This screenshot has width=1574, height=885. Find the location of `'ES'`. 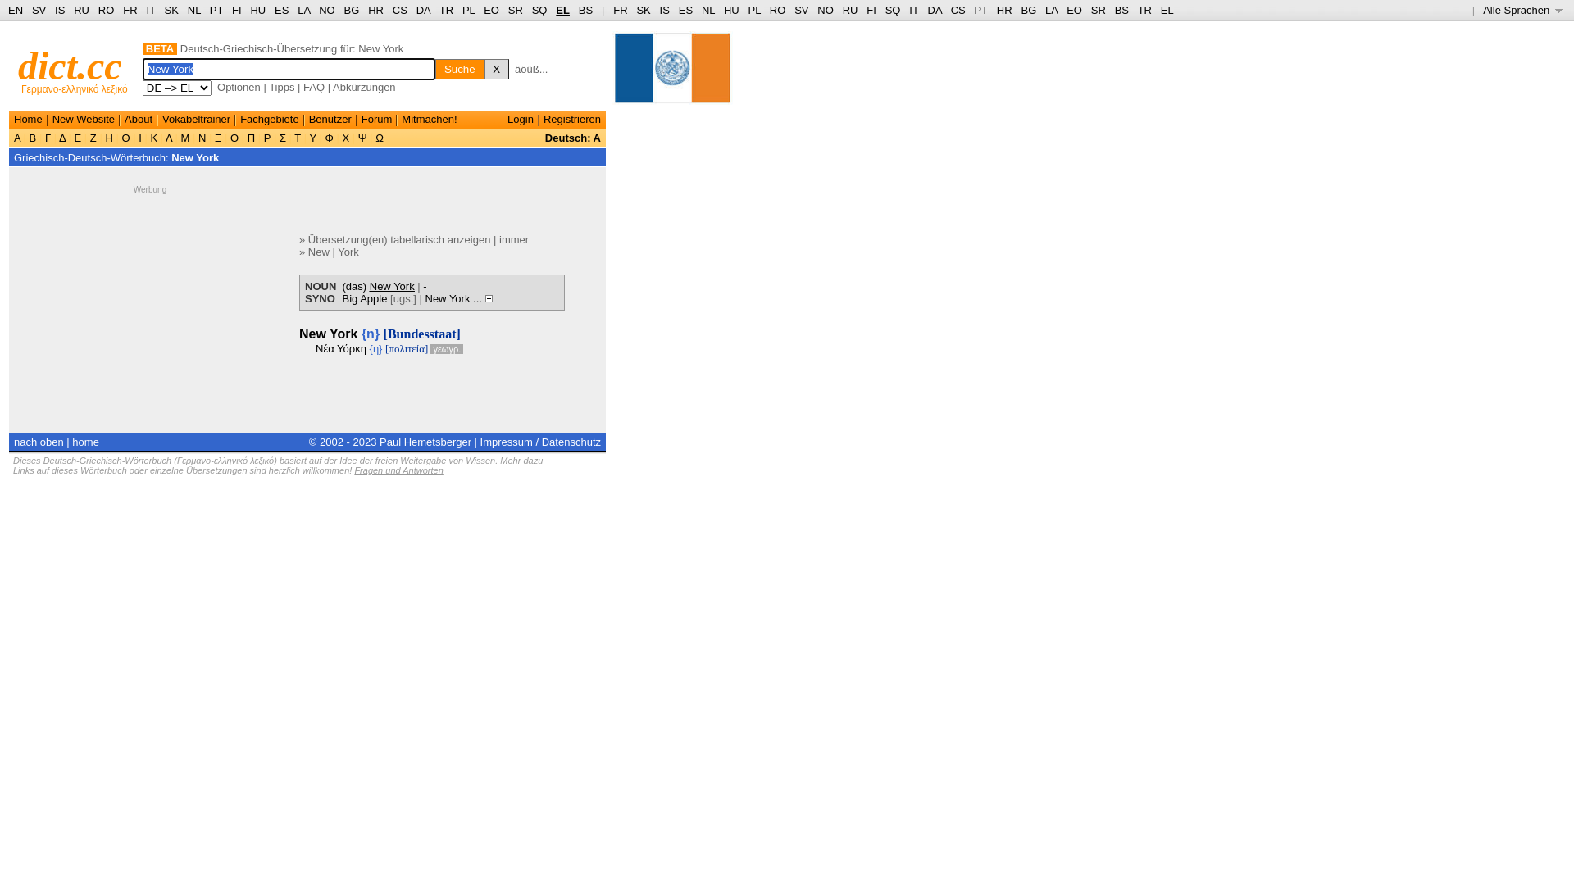

'ES' is located at coordinates (275, 10).